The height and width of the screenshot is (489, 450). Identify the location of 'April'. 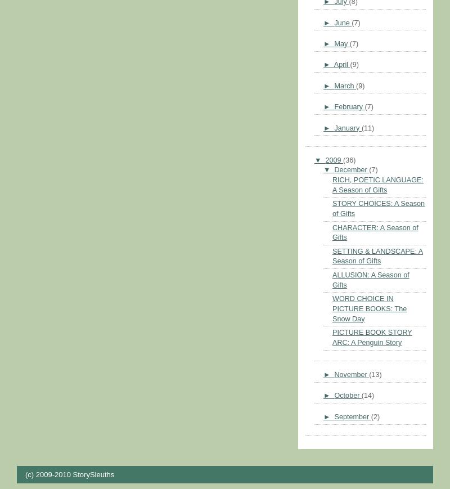
(332, 64).